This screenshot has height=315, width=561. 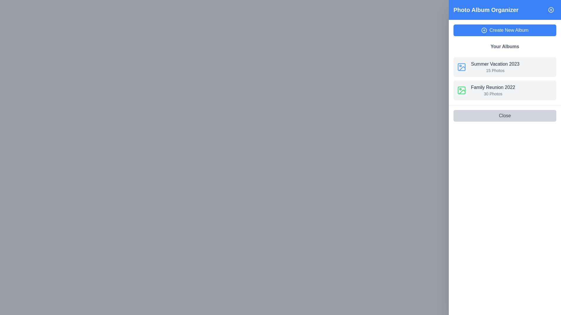 What do you see at coordinates (509, 30) in the screenshot?
I see `text content of the label displaying 'Create New Album' styled in white text against a blue background` at bounding box center [509, 30].